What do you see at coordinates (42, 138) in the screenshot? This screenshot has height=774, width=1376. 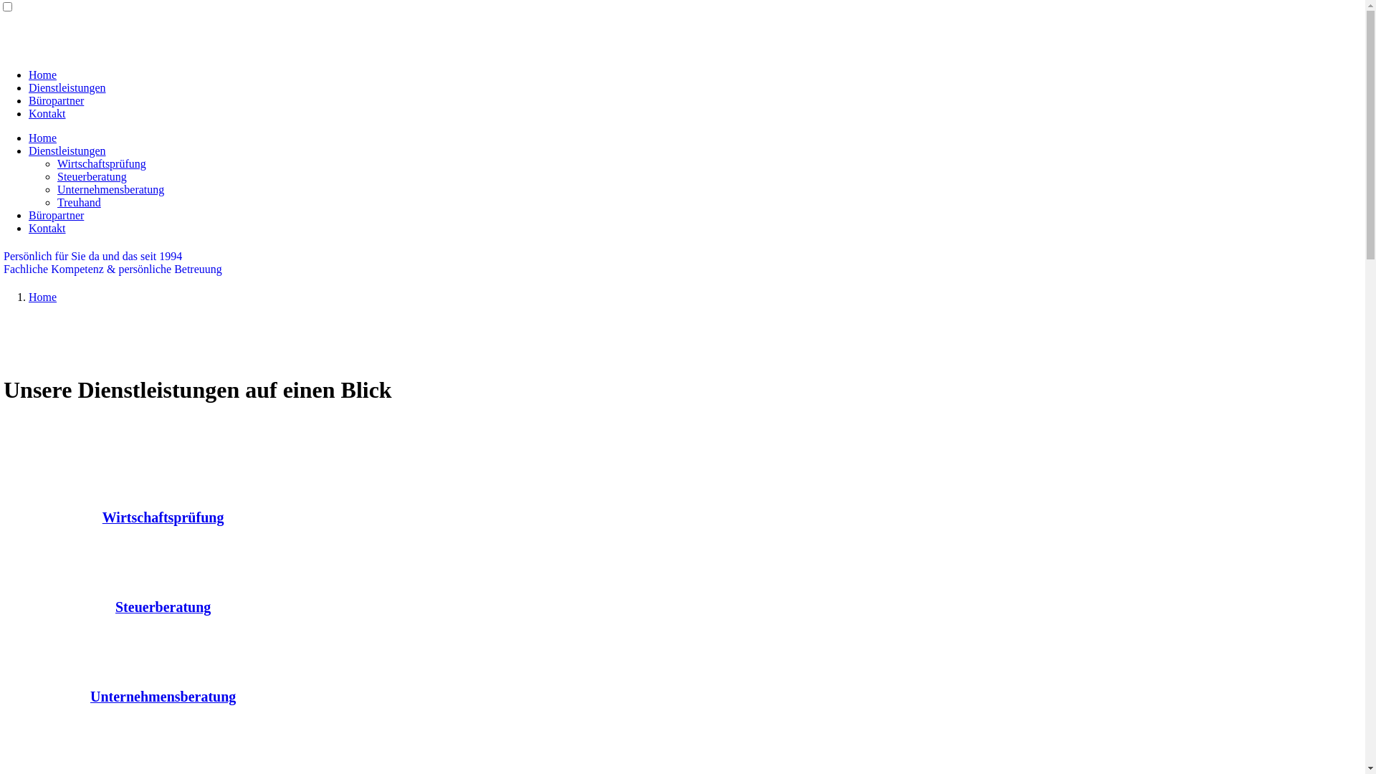 I see `'Home'` at bounding box center [42, 138].